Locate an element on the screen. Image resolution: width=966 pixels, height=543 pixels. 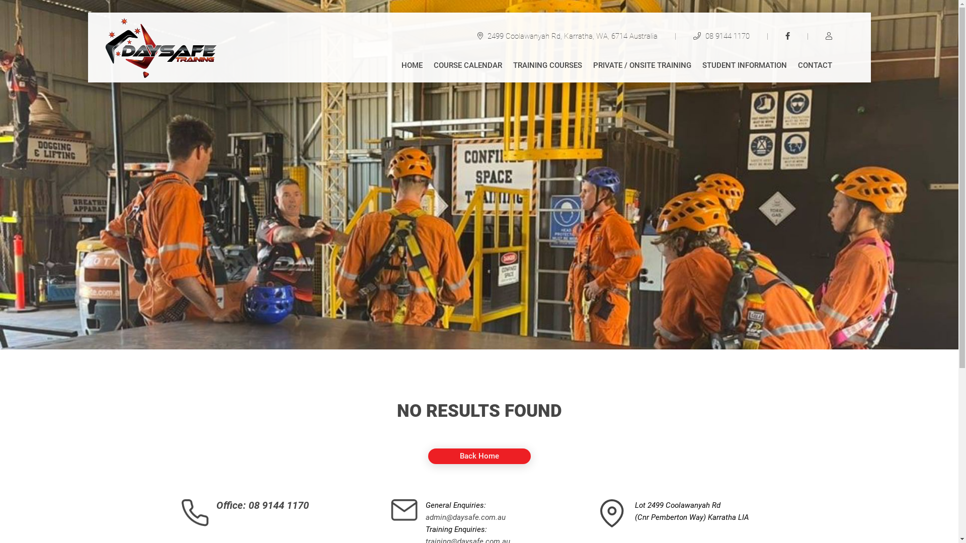
'HOME' is located at coordinates (400, 67).